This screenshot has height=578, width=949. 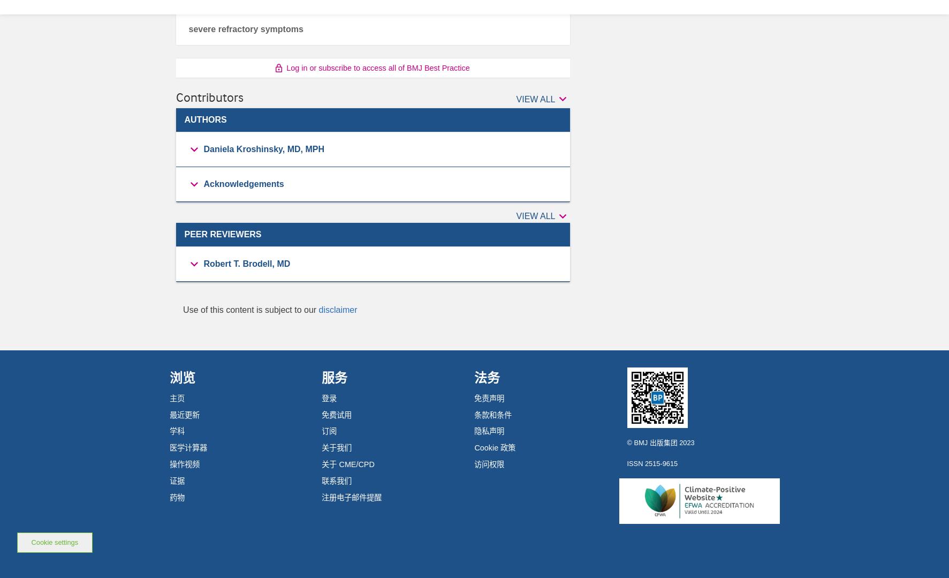 I want to click on 'Cookie 政策', so click(x=495, y=448).